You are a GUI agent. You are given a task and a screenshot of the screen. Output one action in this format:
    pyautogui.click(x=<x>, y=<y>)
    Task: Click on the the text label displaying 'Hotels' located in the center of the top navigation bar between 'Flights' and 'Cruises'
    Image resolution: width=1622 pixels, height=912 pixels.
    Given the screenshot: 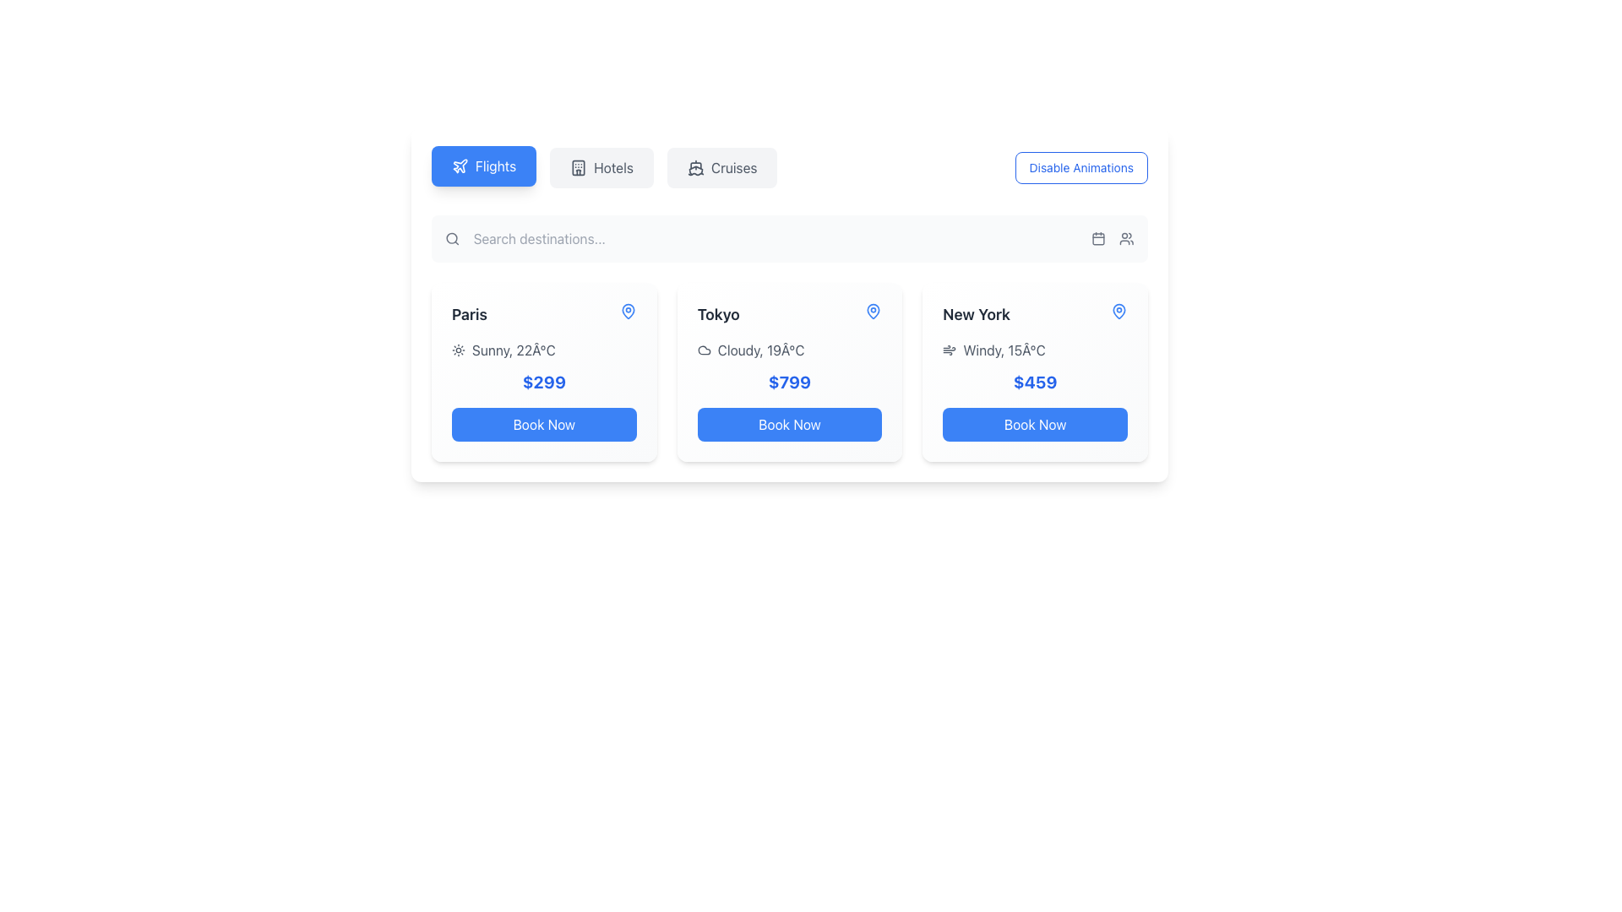 What is the action you would take?
    pyautogui.click(x=612, y=168)
    